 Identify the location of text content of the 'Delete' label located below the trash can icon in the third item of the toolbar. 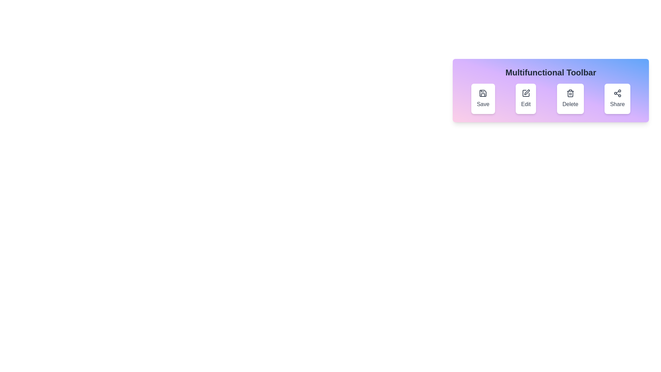
(570, 104).